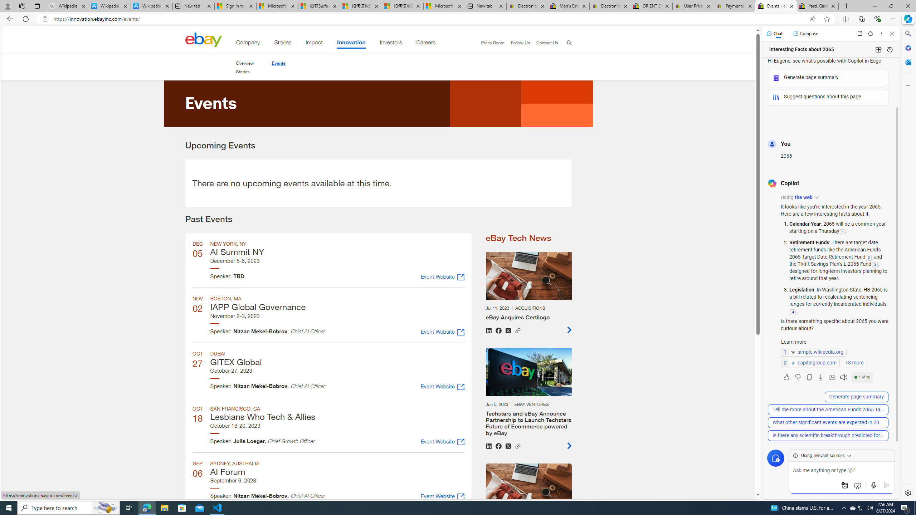 This screenshot has width=916, height=515. What do you see at coordinates (693, 6) in the screenshot?
I see `'User Privacy Notice | eBay'` at bounding box center [693, 6].